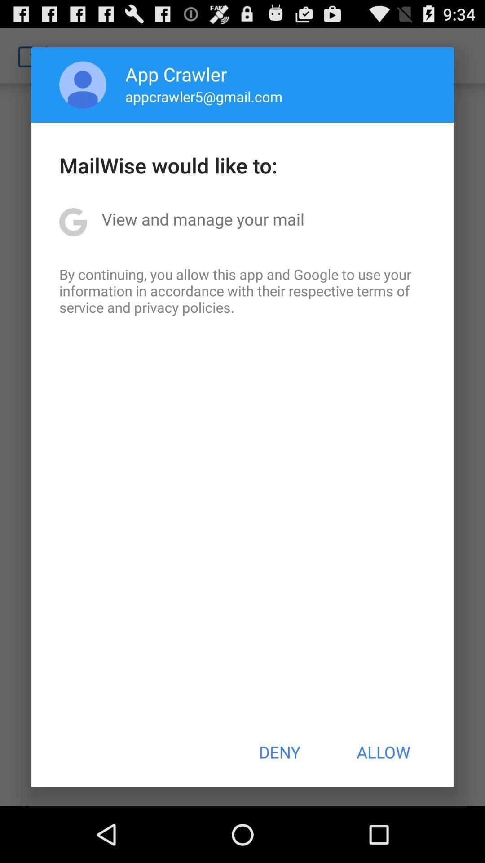  I want to click on the icon above by continuing you item, so click(203, 219).